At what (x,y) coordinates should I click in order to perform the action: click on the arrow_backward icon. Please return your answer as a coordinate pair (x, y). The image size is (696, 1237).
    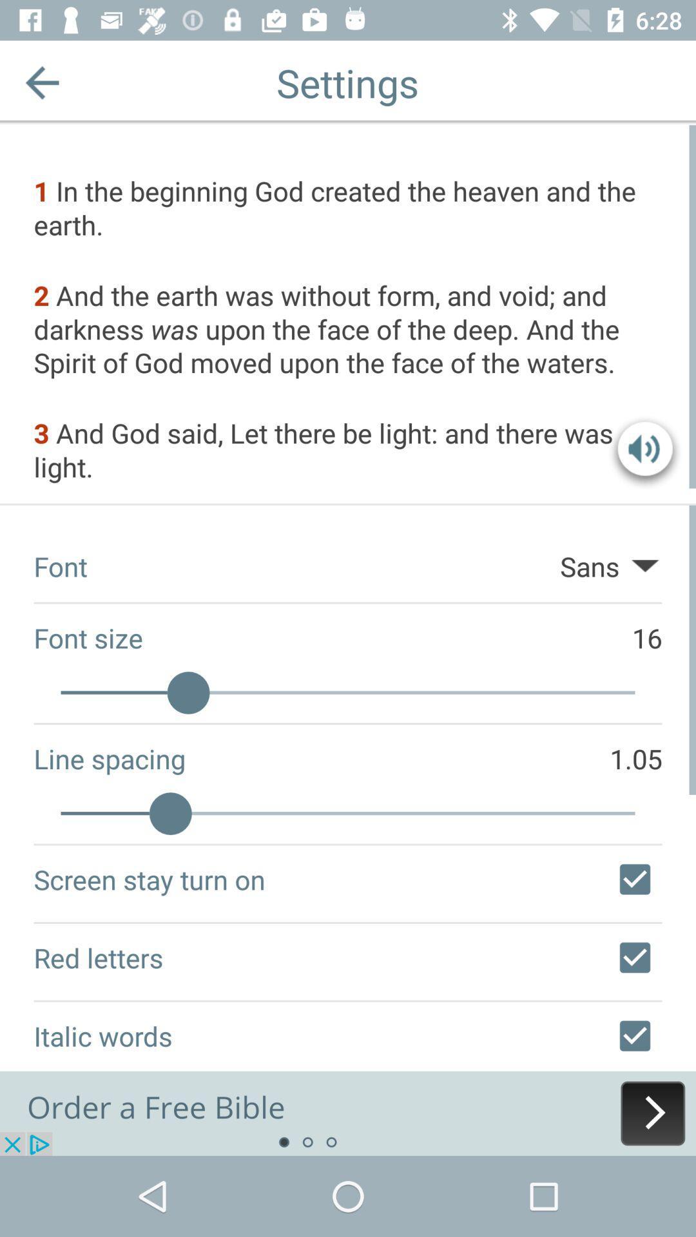
    Looking at the image, I should click on (41, 82).